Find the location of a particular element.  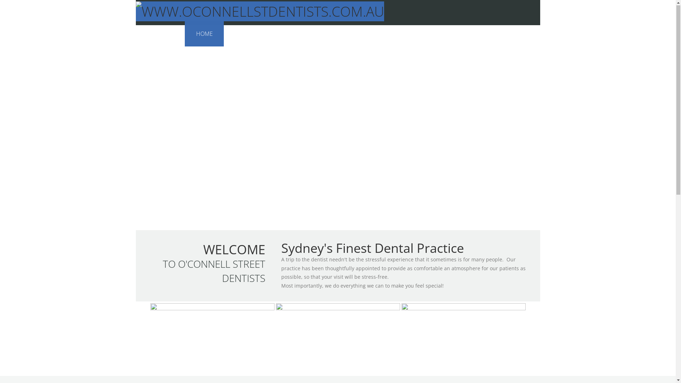

'HOME' is located at coordinates (204, 34).